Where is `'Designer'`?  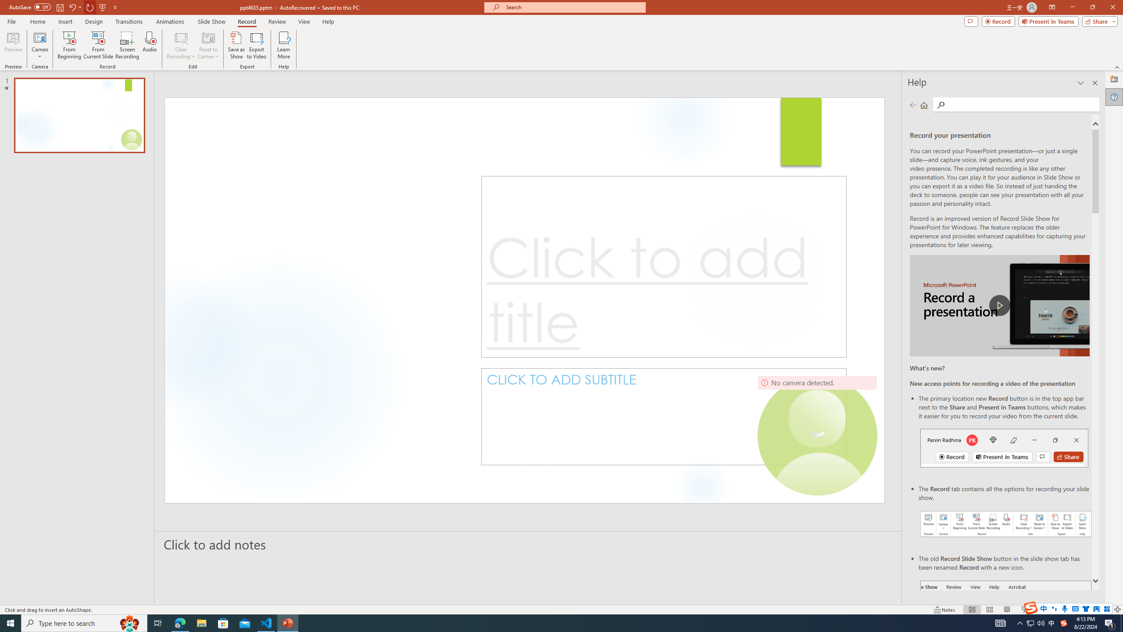 'Designer' is located at coordinates (1114, 79).